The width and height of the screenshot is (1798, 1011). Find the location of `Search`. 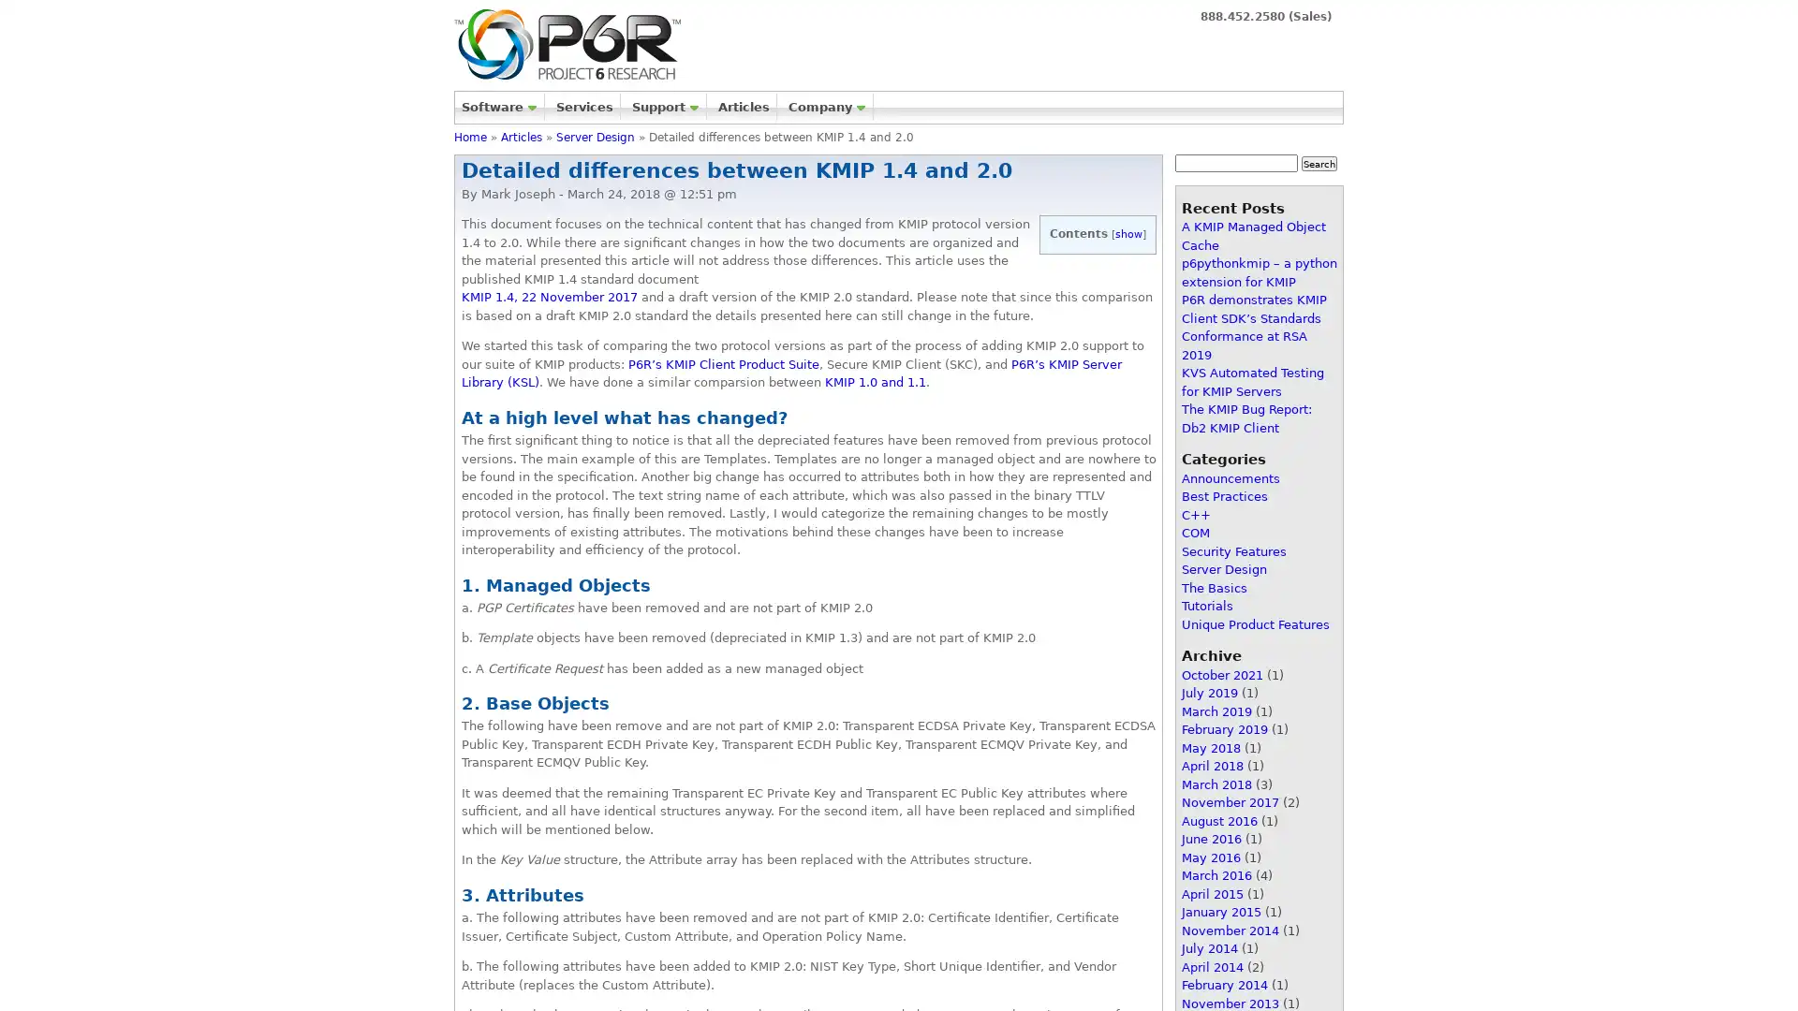

Search is located at coordinates (1319, 162).